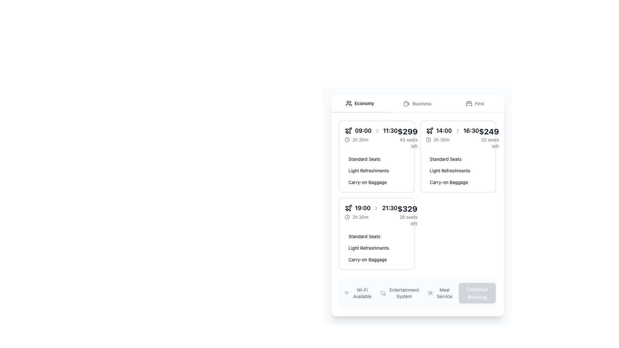 Image resolution: width=619 pixels, height=348 pixels. Describe the element at coordinates (347, 140) in the screenshot. I see `the circular SVG element representing the clock face, which is located centrally within the clock icon next to the '19:00' flight timing details` at that location.